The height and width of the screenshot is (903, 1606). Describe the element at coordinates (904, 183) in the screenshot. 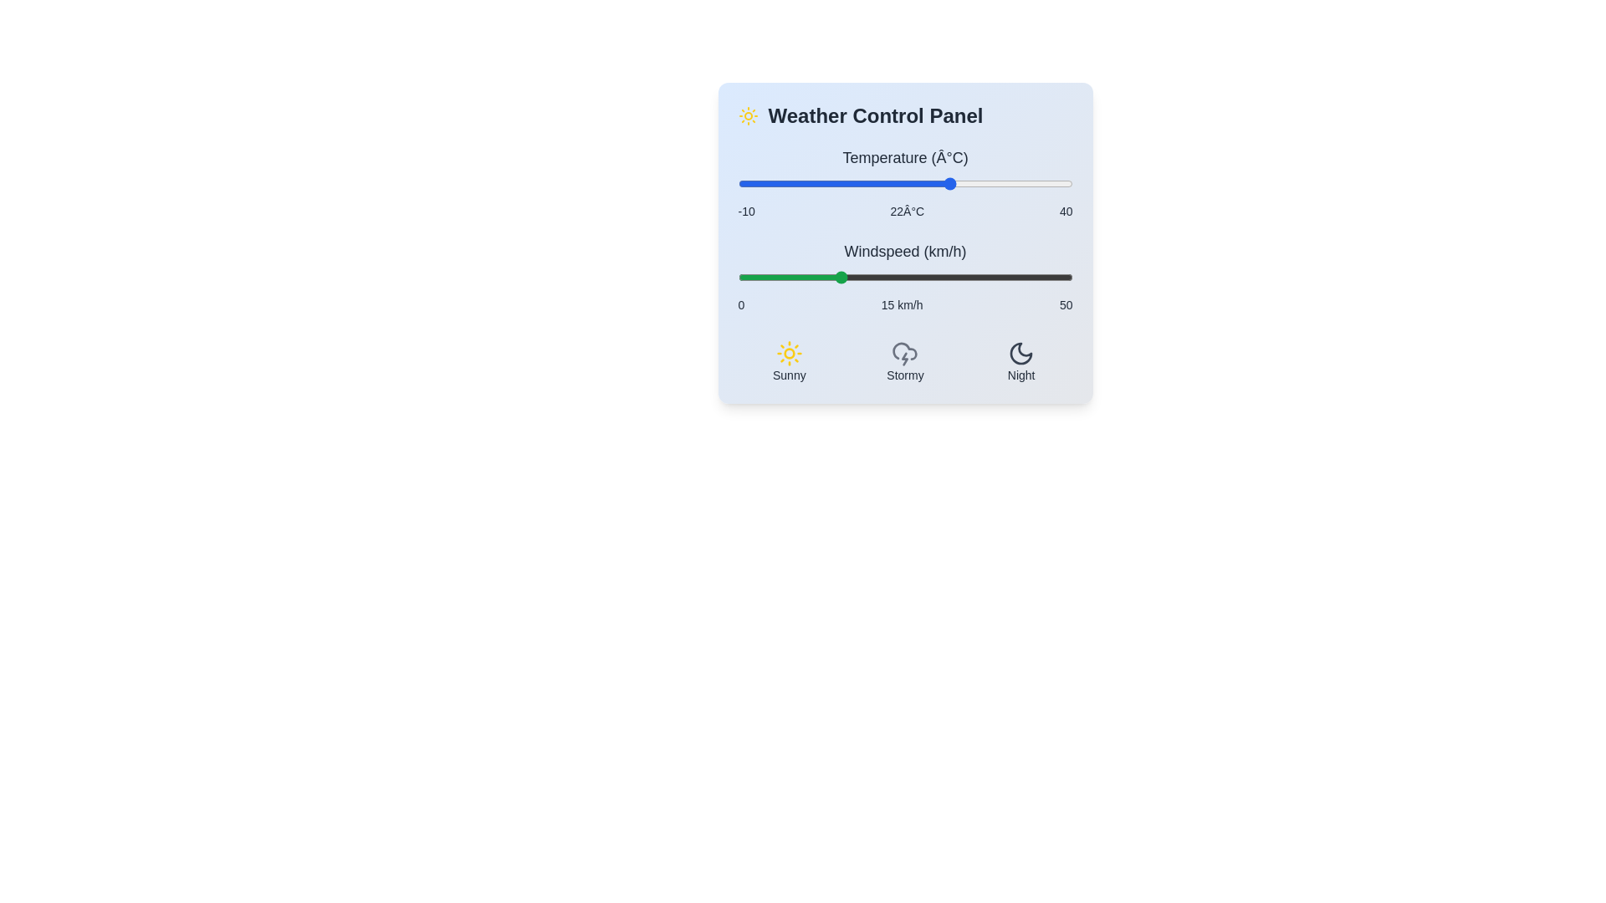

I see `the temperature control slider` at that location.